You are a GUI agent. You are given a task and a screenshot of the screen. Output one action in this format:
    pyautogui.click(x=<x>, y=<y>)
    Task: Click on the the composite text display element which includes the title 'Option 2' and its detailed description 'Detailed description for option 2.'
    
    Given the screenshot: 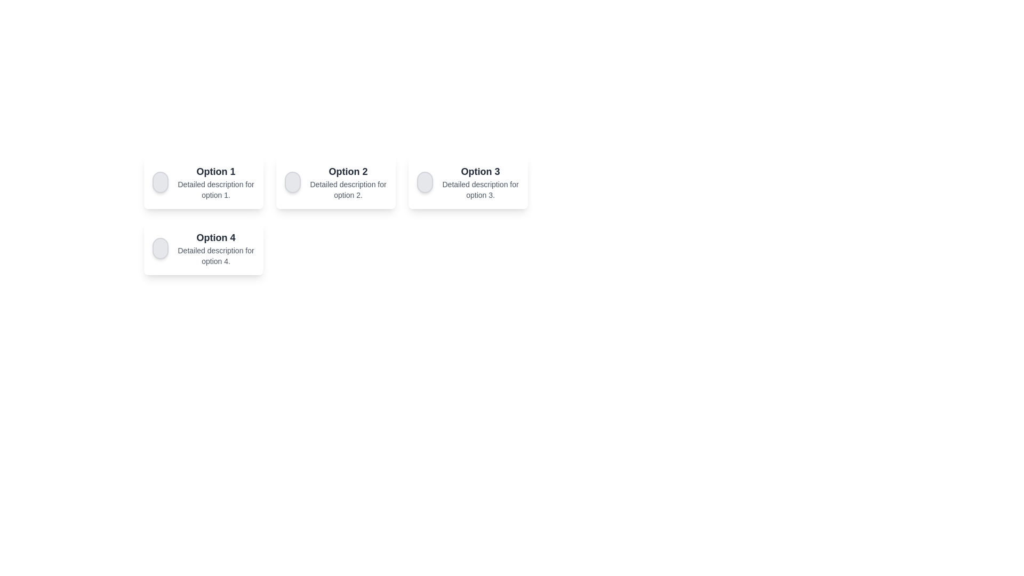 What is the action you would take?
    pyautogui.click(x=348, y=182)
    